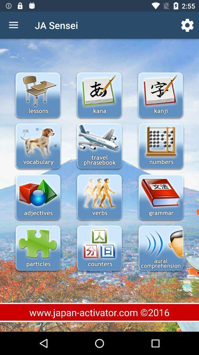  I want to click on study of verbs, so click(99, 197).